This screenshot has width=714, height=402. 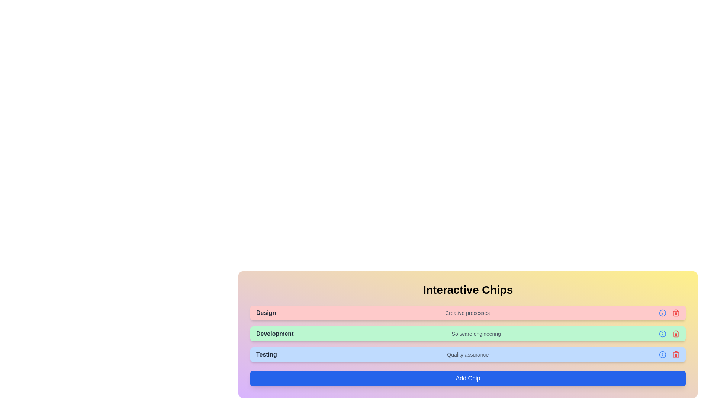 I want to click on 'Trash' icon for the chip labeled Testing, so click(x=676, y=354).